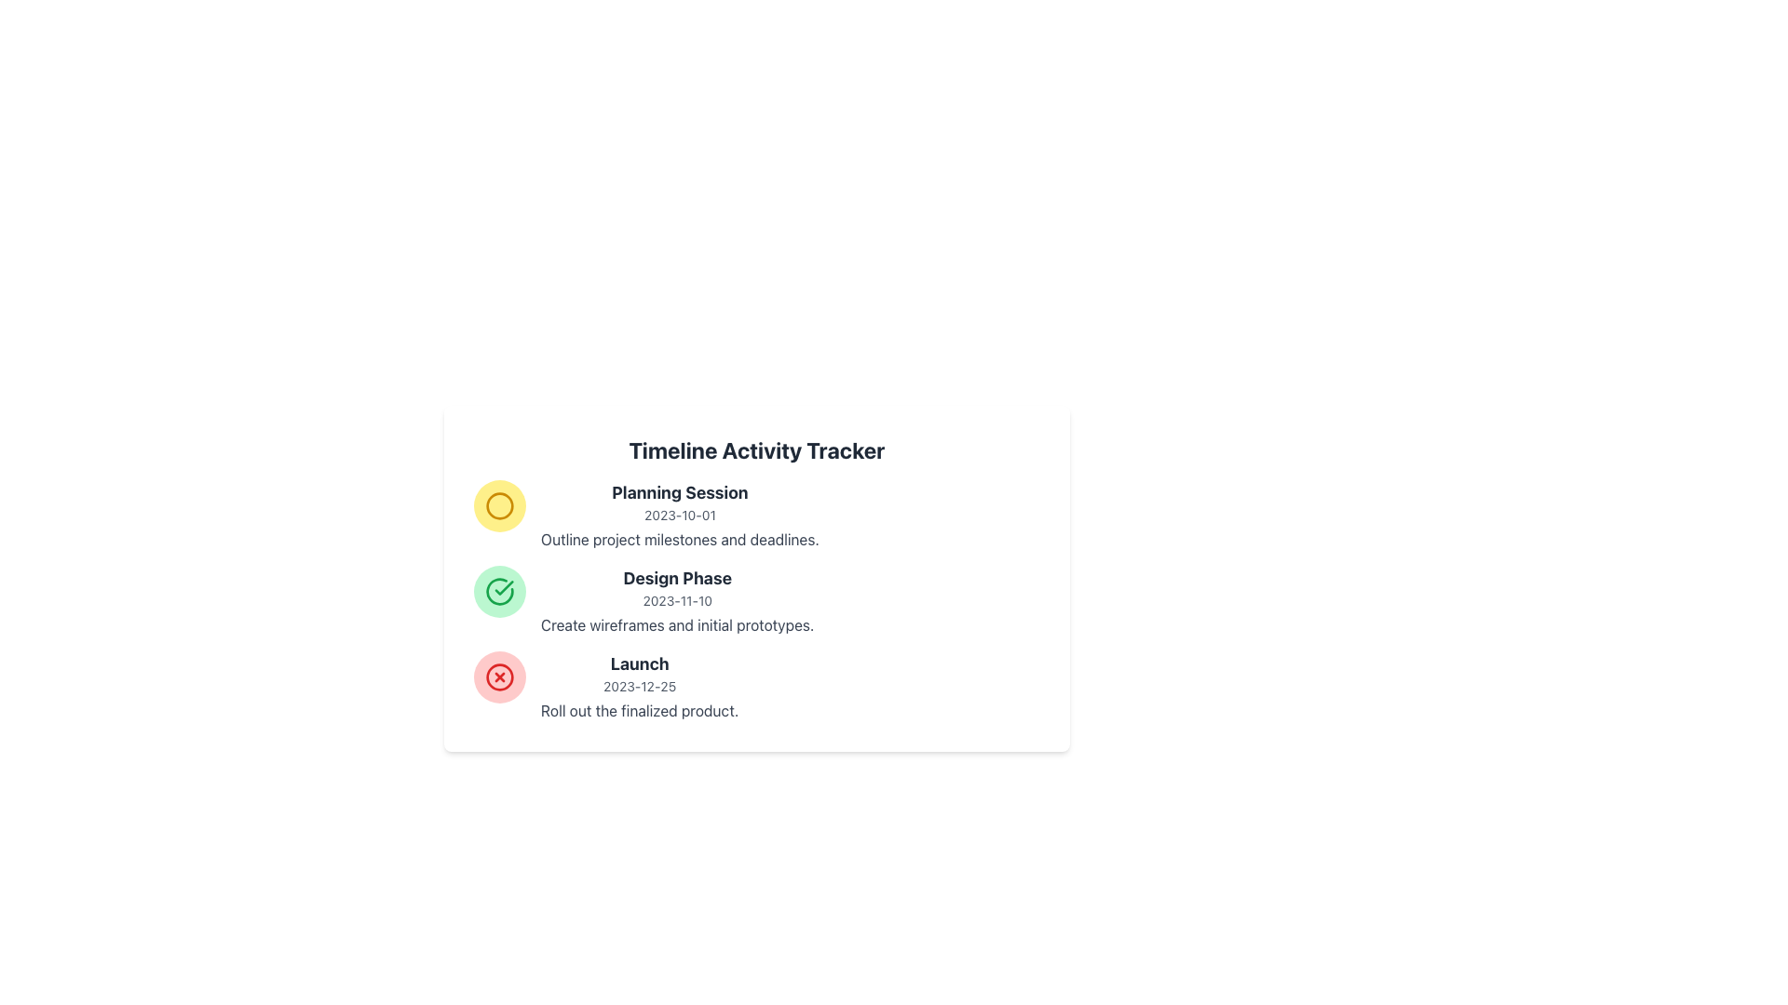 The image size is (1788, 1005). Describe the element at coordinates (500, 592) in the screenshot. I see `the visual indicator icon for the 'Design Phase' timeline entry` at that location.